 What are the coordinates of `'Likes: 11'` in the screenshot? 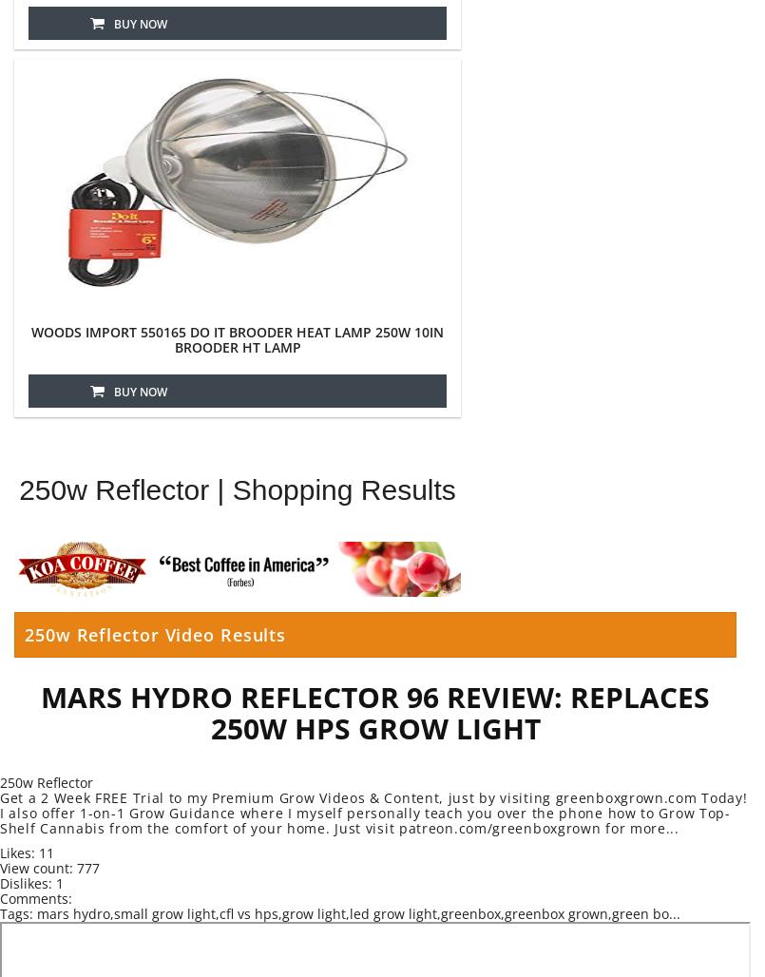 It's located at (27, 852).